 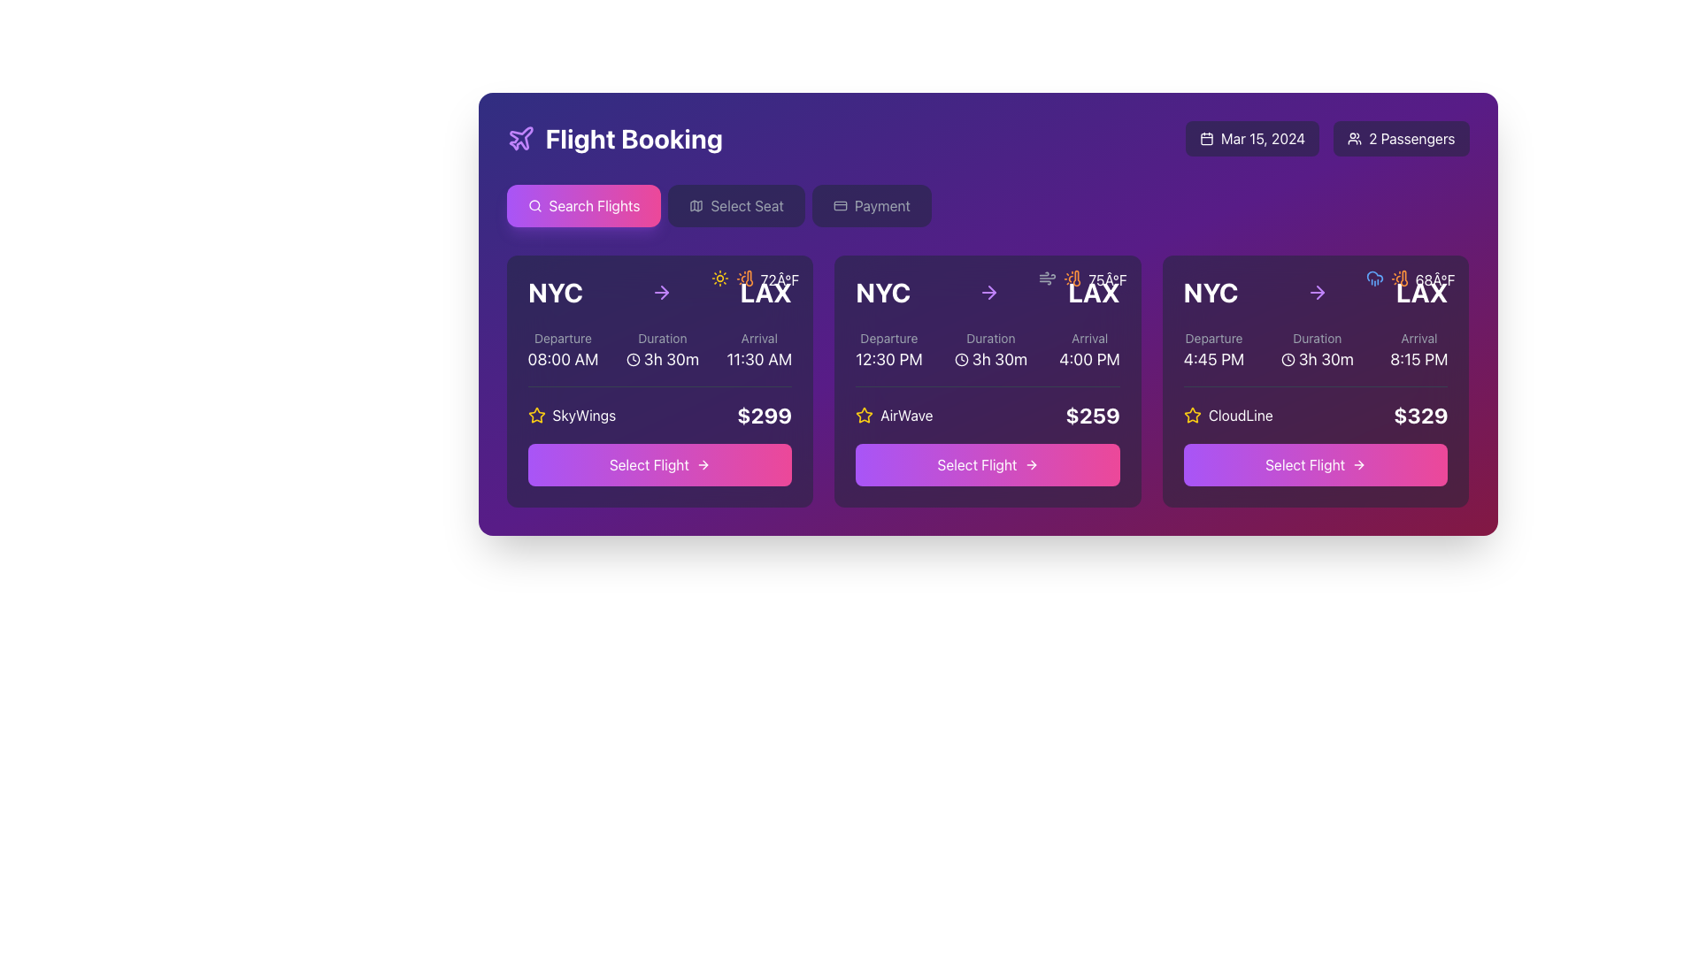 What do you see at coordinates (1316, 463) in the screenshot?
I see `the 'Select Flight' button, which is a rectangular button with a gradient background transitioning from purple to pink, containing bold white text and a rightwards arrow icon, located at the bottom of the rightmost card in the fourth column of a grid interface` at bounding box center [1316, 463].